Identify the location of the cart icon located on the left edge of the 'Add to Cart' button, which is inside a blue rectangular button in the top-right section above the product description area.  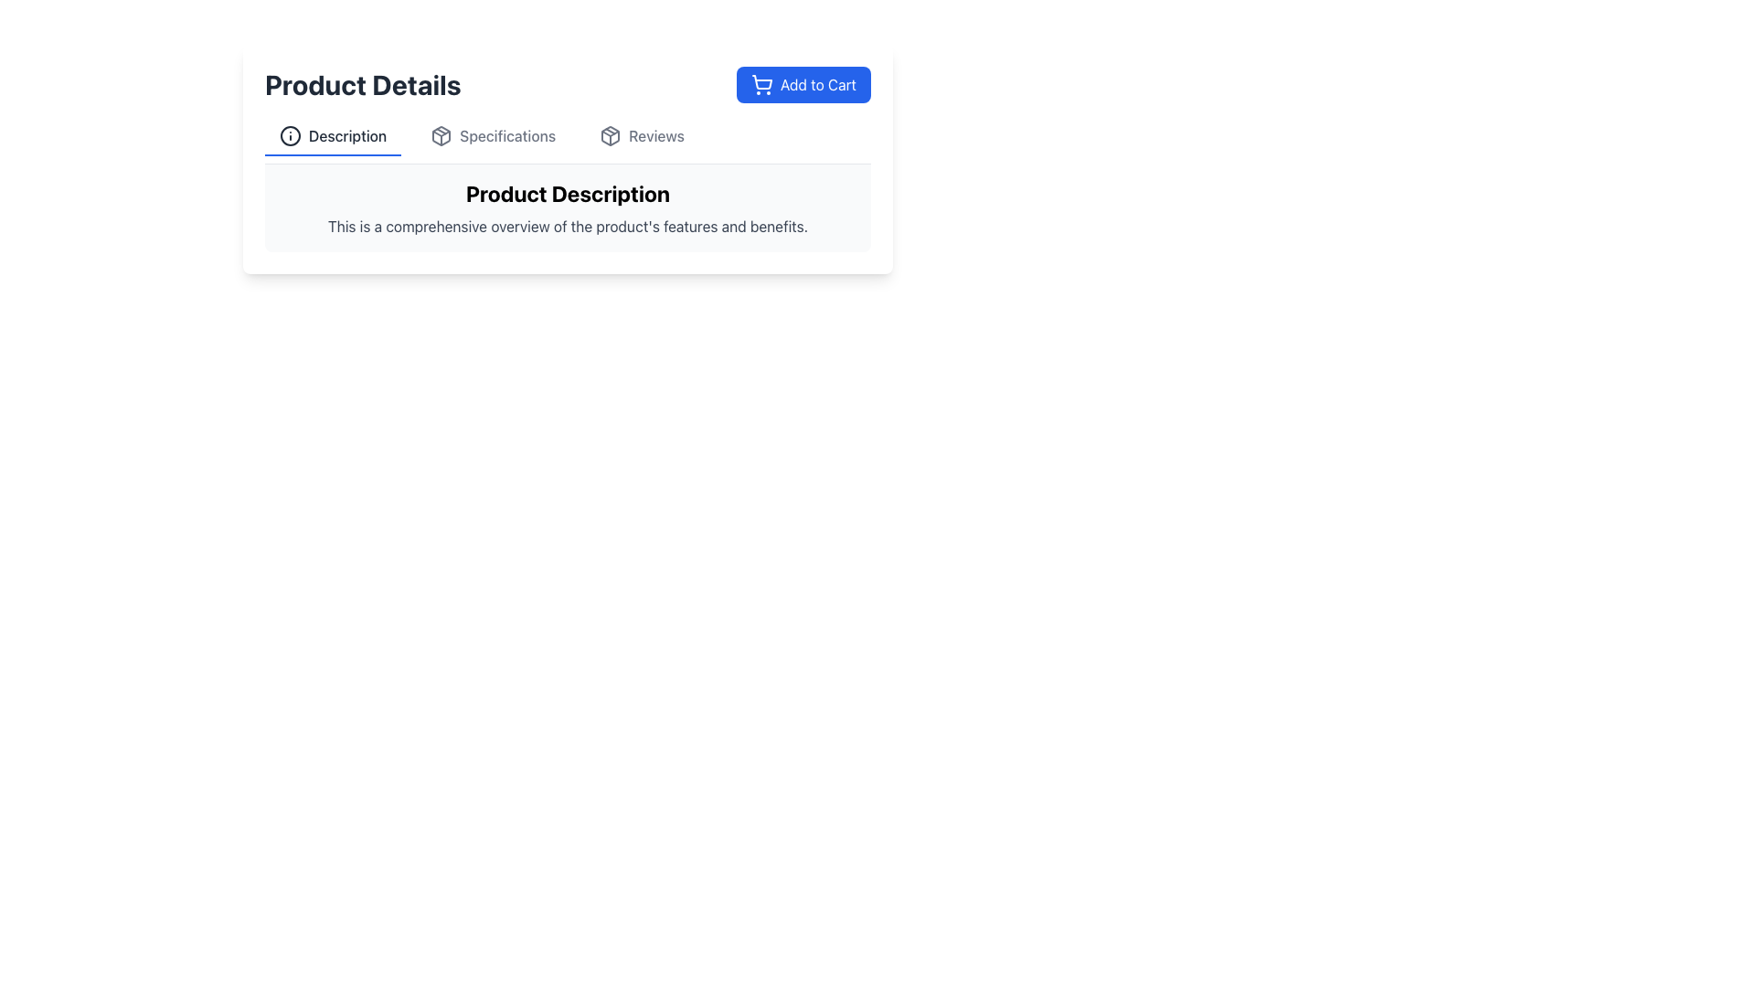
(762, 84).